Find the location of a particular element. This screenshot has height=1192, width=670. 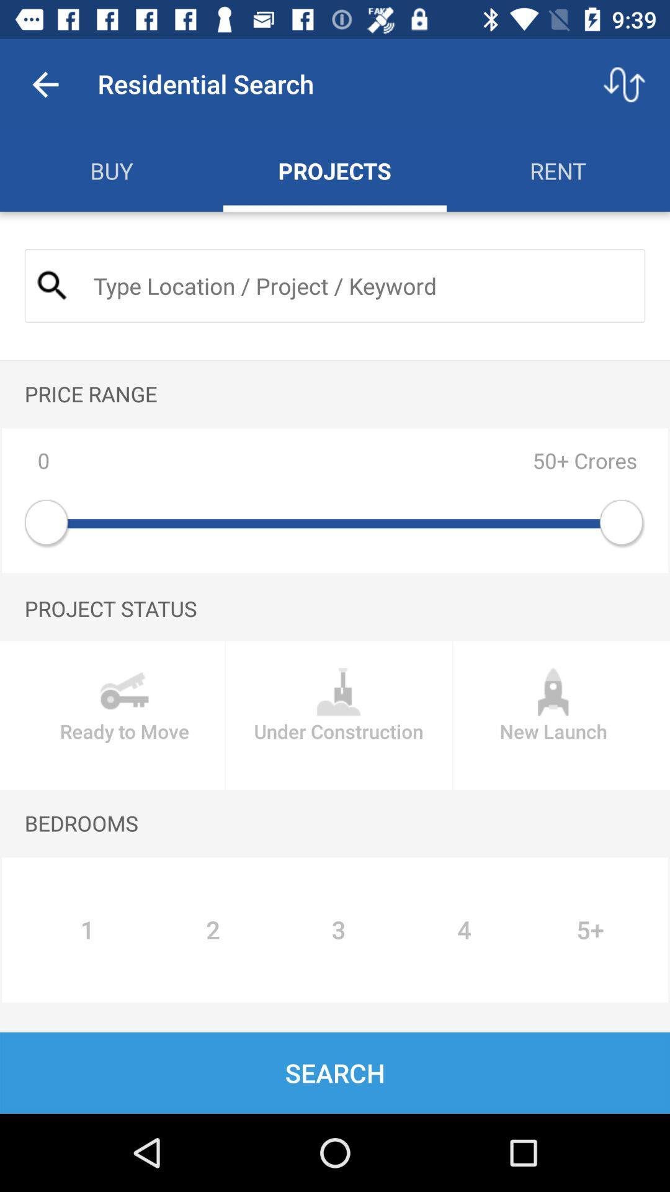

item above the bedrooms icon is located at coordinates (339, 715).